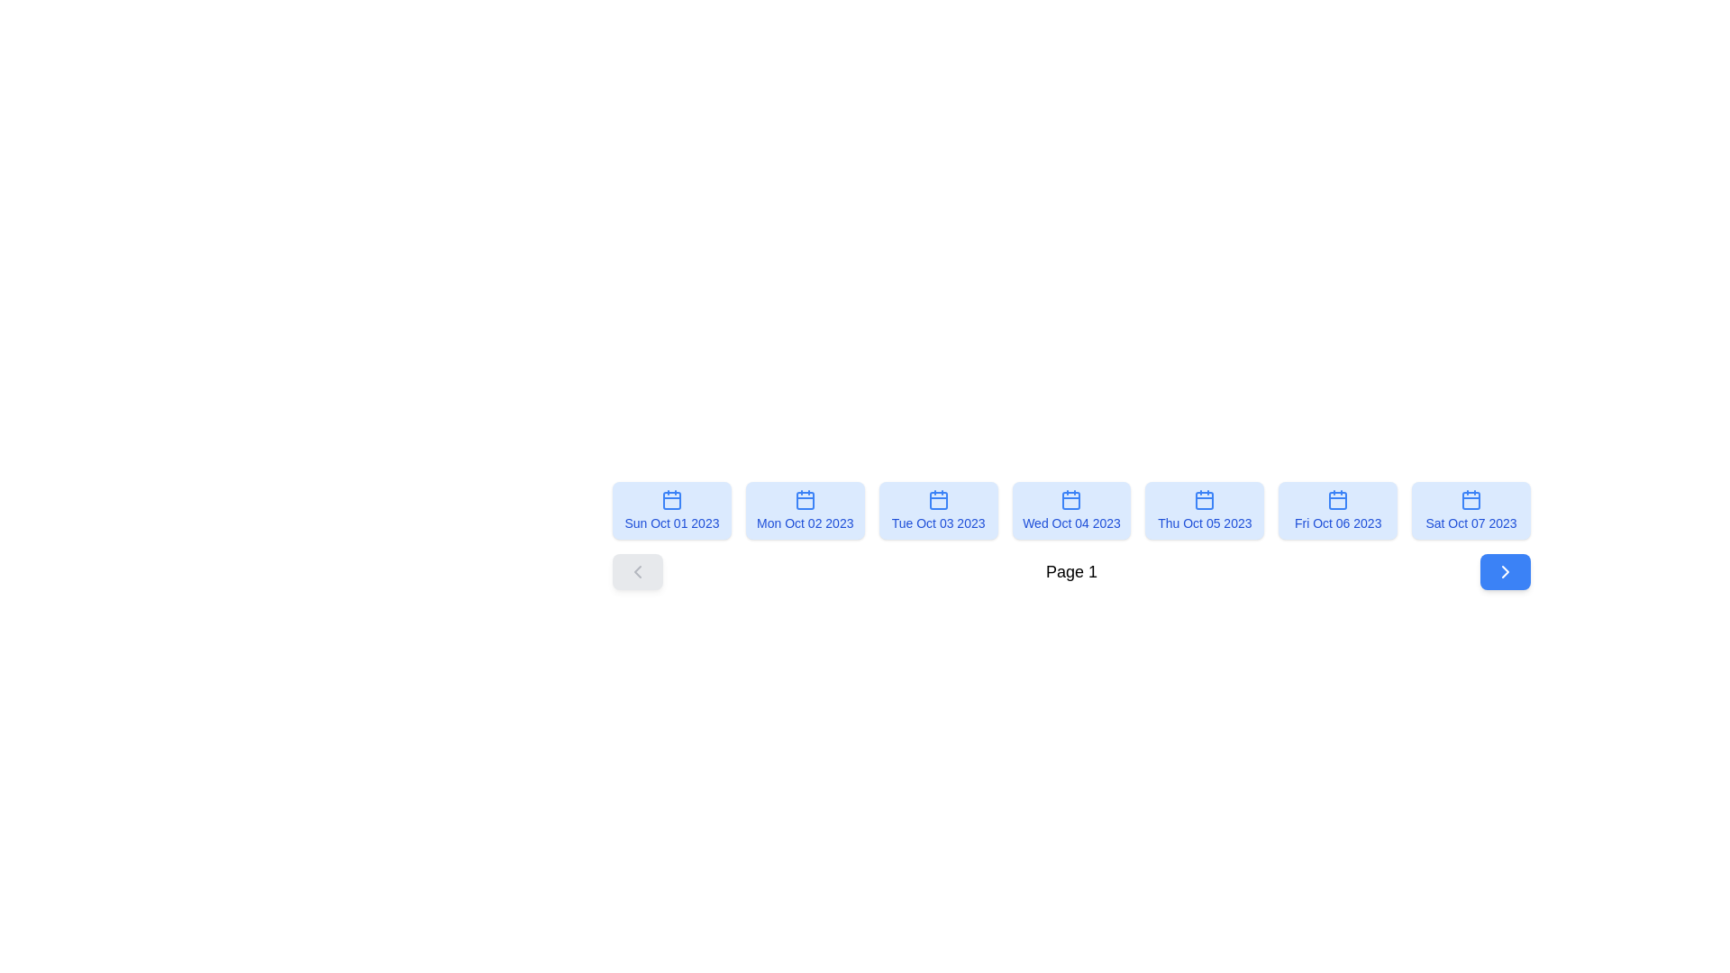 This screenshot has height=973, width=1730. Describe the element at coordinates (1471, 500) in the screenshot. I see `the small square with rounded corners and a blue outline, which is centrally positioned within the calendar icon representing 'Sat Oct 07 2023'` at that location.